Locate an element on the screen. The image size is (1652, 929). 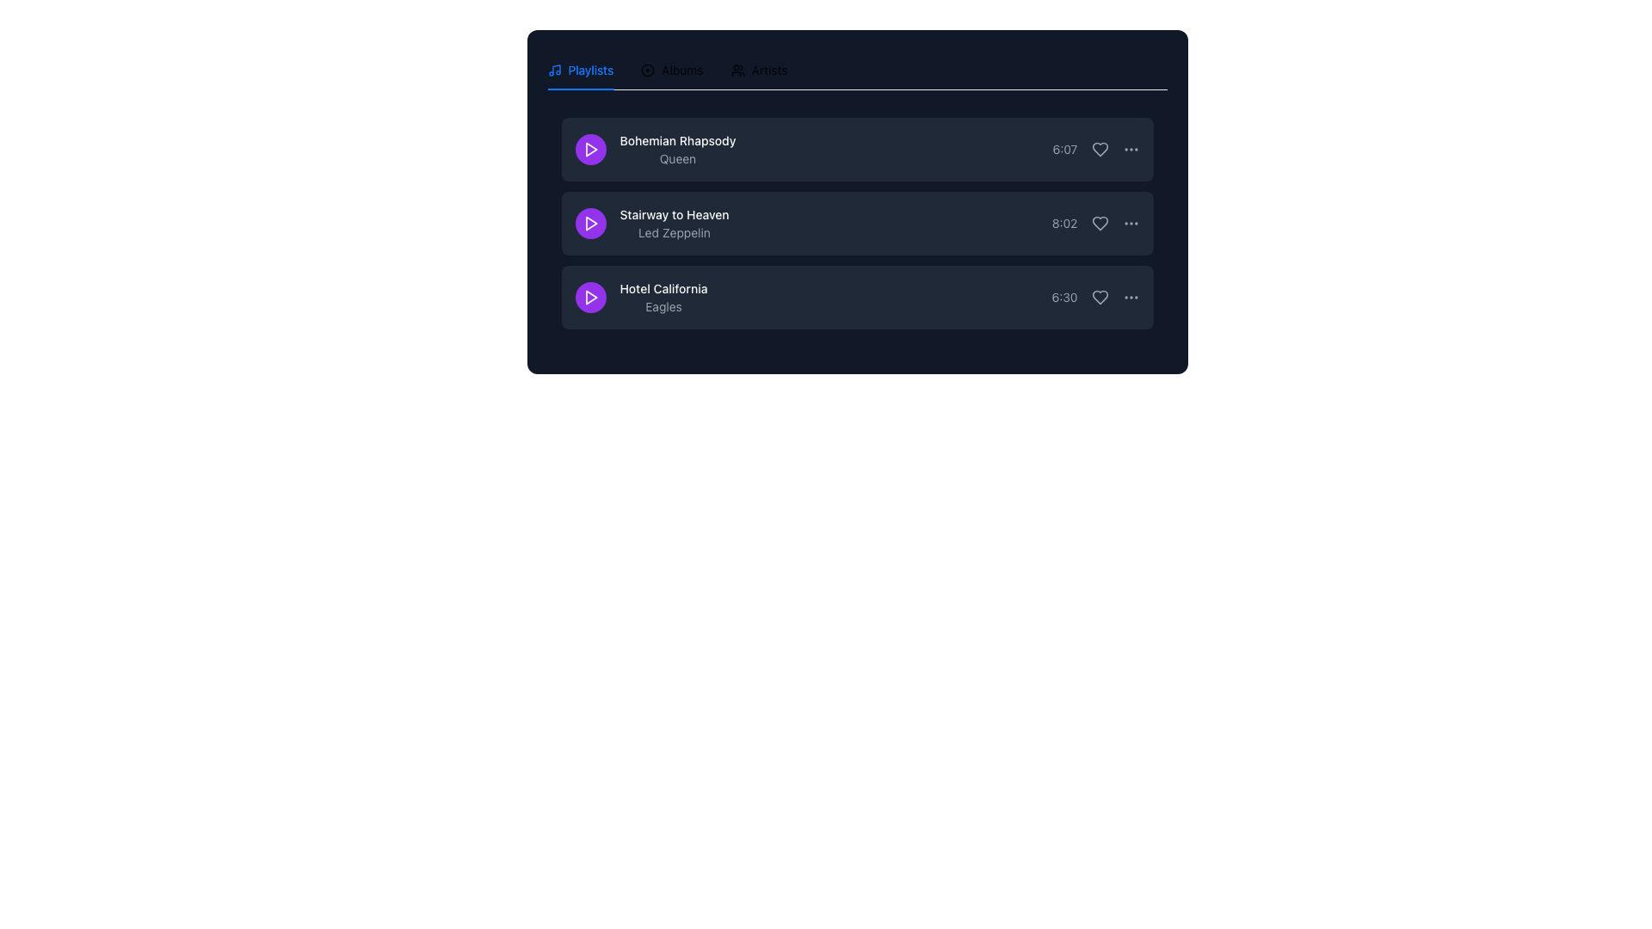
the 'Albums' tab in the navigation bar to switch the category from 'Playlists' to 'Albums' is located at coordinates (667, 69).